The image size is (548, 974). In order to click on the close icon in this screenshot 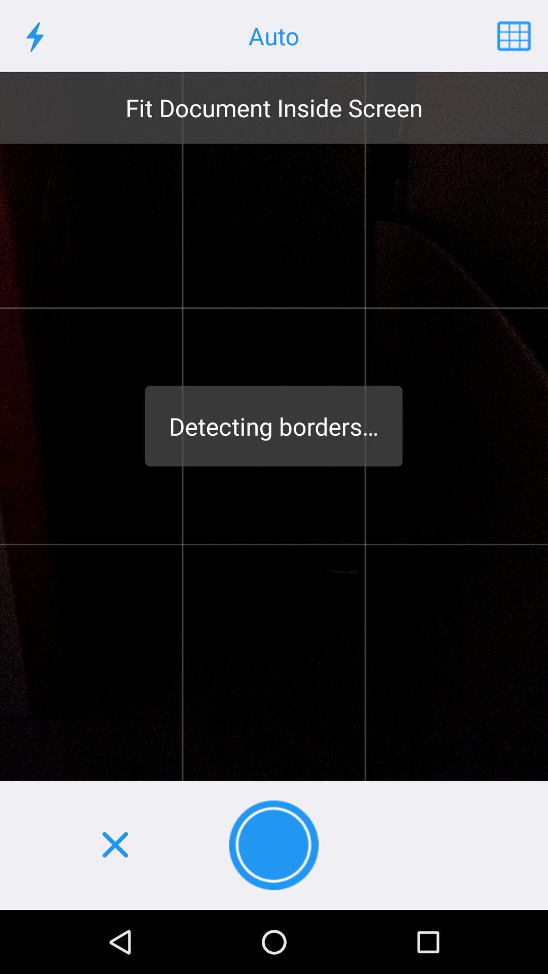, I will do `click(114, 845)`.